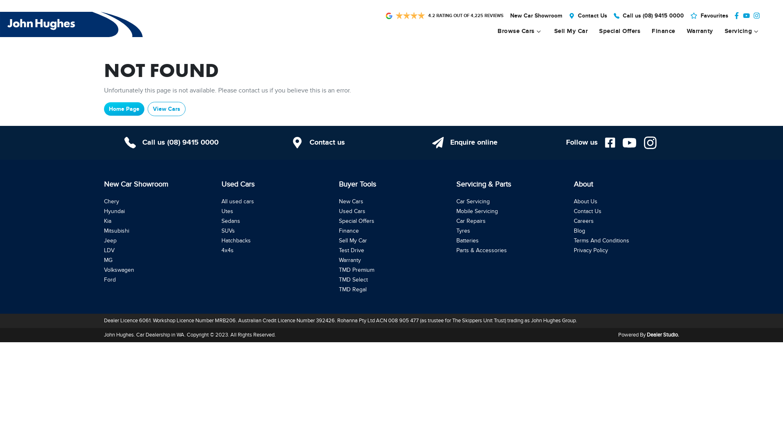 This screenshot has height=440, width=783. I want to click on 'Ford', so click(109, 279).